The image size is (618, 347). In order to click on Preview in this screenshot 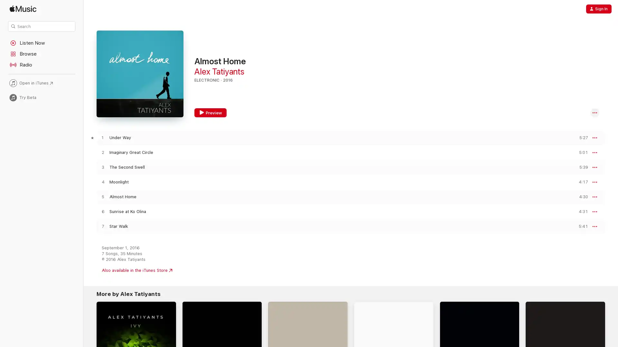, I will do `click(581, 196)`.